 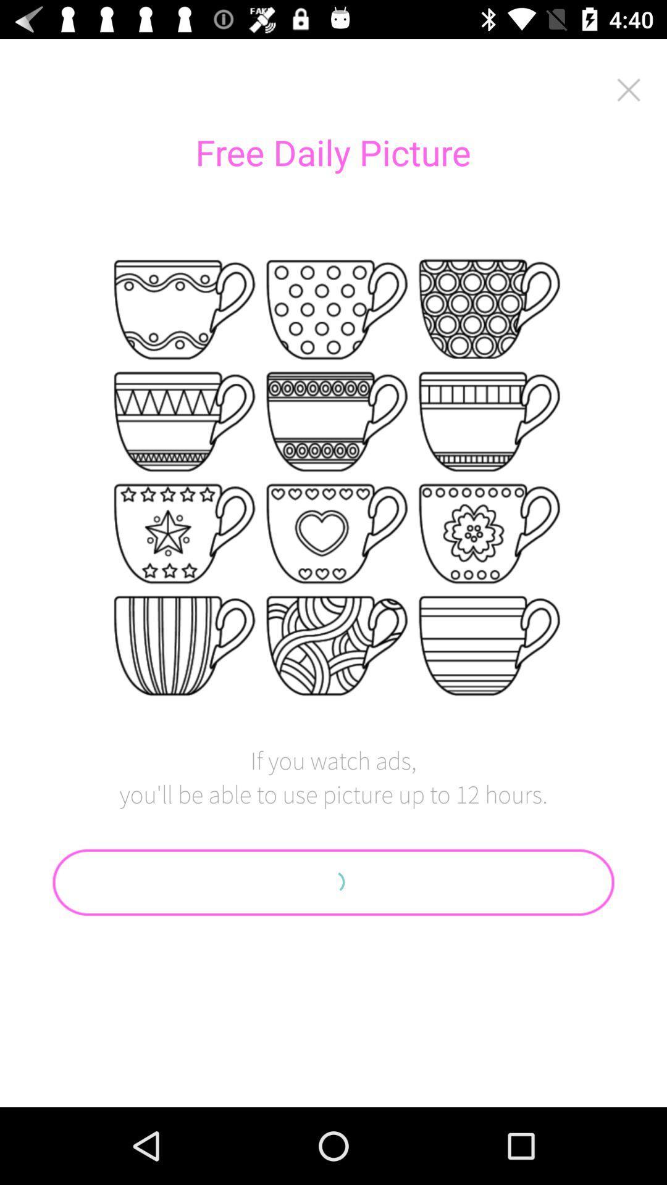 What do you see at coordinates (629, 89) in the screenshot?
I see `icon at the top right corner` at bounding box center [629, 89].